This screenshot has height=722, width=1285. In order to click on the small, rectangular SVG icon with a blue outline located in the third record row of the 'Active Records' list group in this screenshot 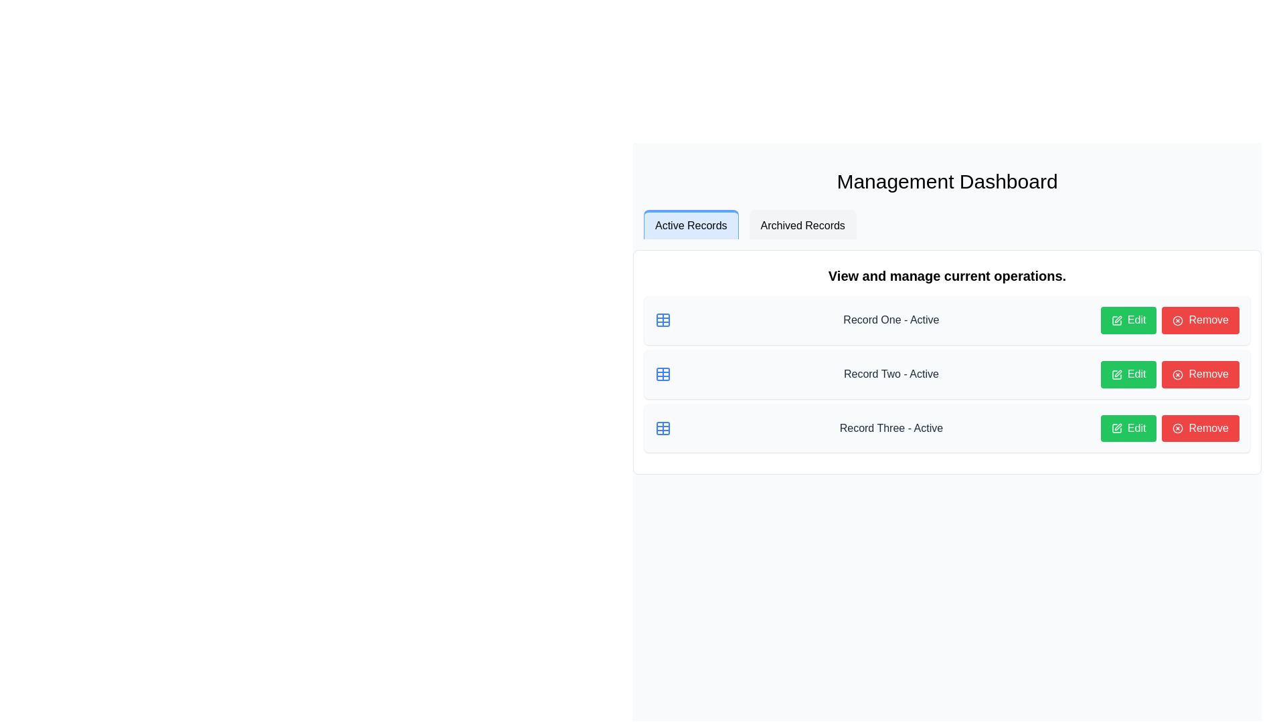, I will do `click(663, 428)`.